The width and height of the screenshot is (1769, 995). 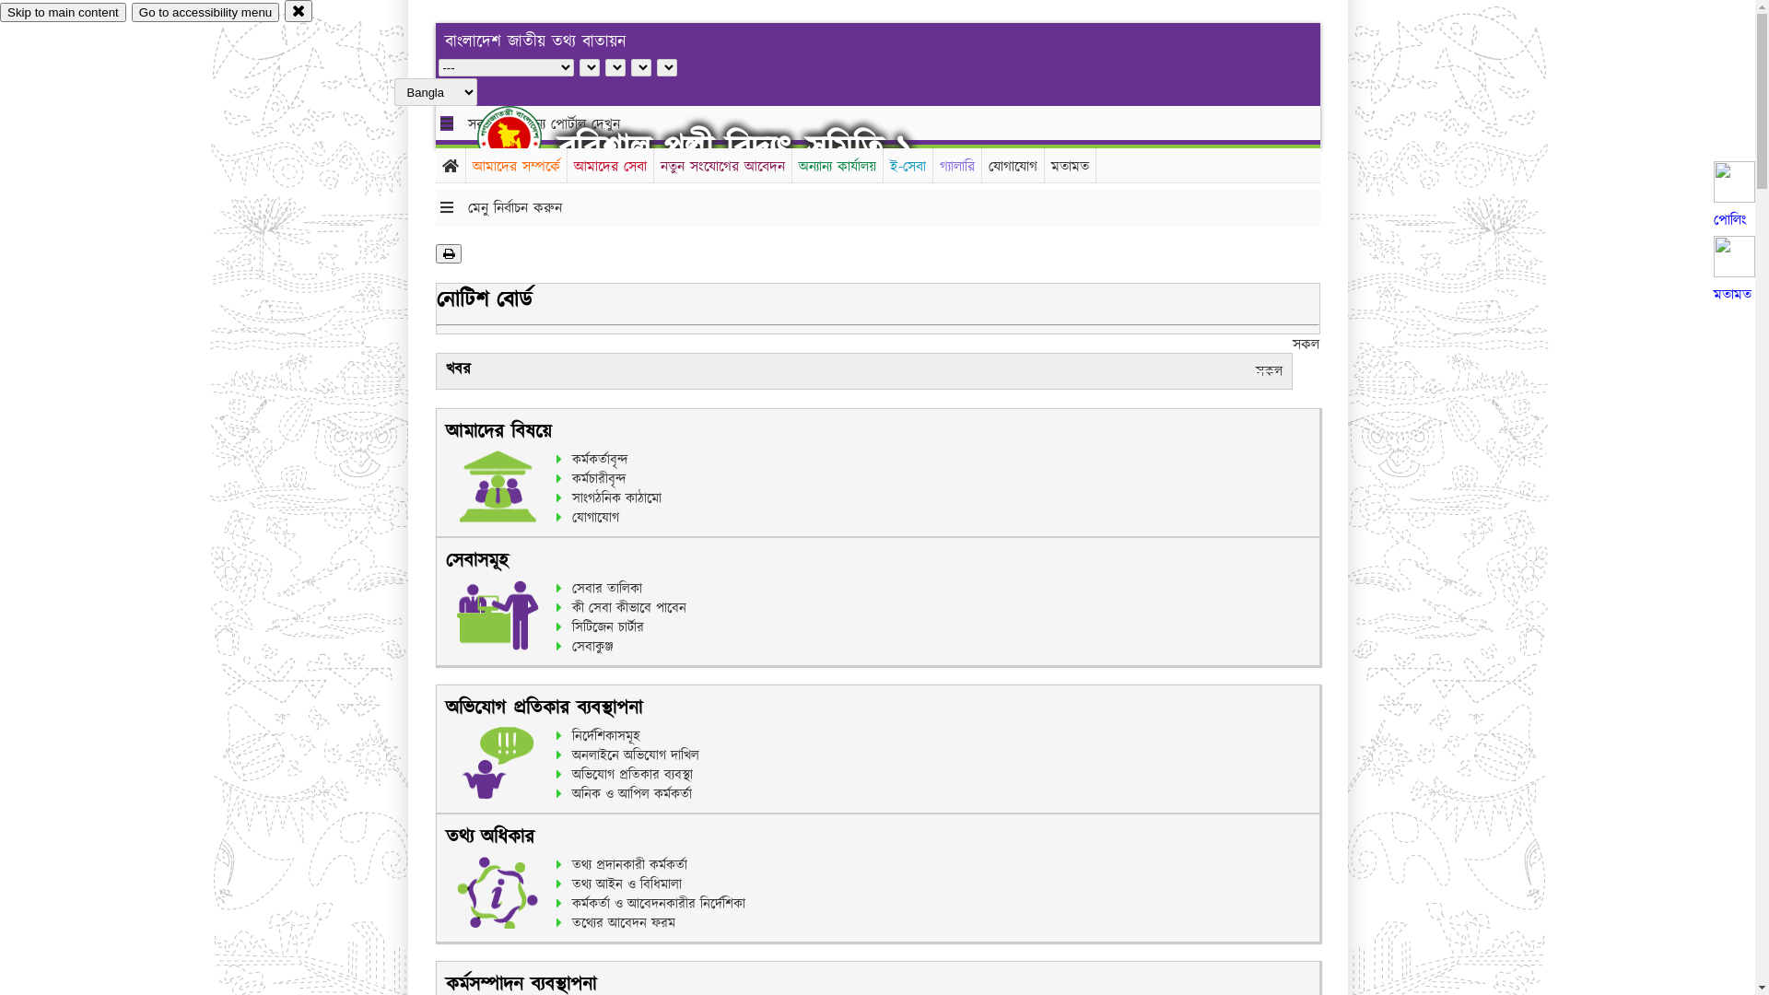 What do you see at coordinates (299, 10) in the screenshot?
I see `'close'` at bounding box center [299, 10].